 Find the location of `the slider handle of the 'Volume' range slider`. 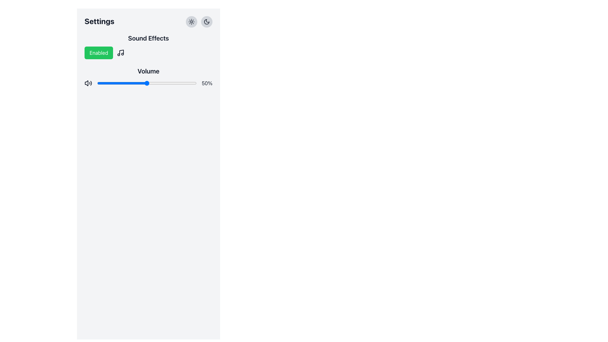

the slider handle of the 'Volume' range slider is located at coordinates (148, 77).